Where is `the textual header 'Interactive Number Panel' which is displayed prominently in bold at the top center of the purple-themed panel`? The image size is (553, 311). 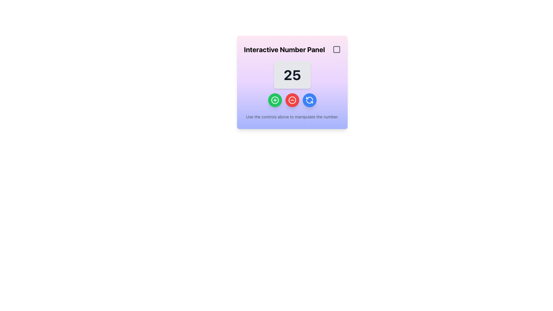 the textual header 'Interactive Number Panel' which is displayed prominently in bold at the top center of the purple-themed panel is located at coordinates (284, 49).